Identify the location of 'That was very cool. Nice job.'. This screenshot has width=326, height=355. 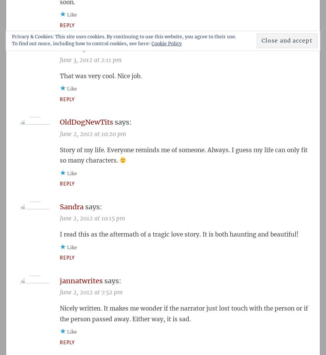
(59, 75).